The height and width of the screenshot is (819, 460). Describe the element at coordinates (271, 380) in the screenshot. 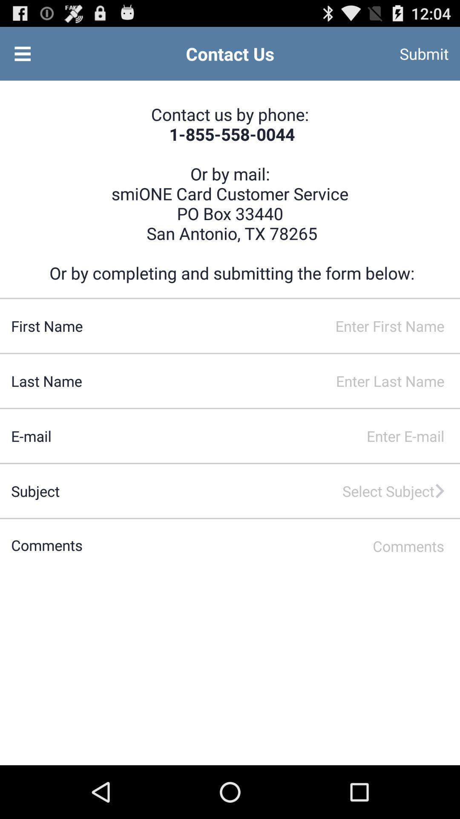

I see `last name` at that location.